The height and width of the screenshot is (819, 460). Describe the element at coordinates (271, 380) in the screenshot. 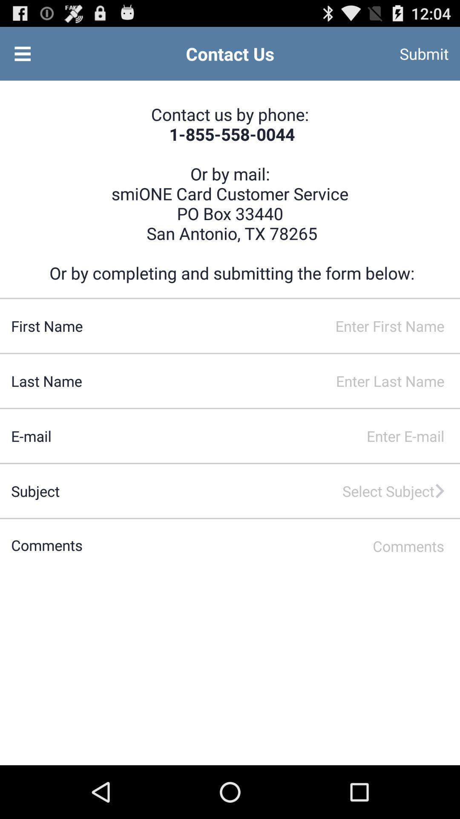

I see `last name` at that location.